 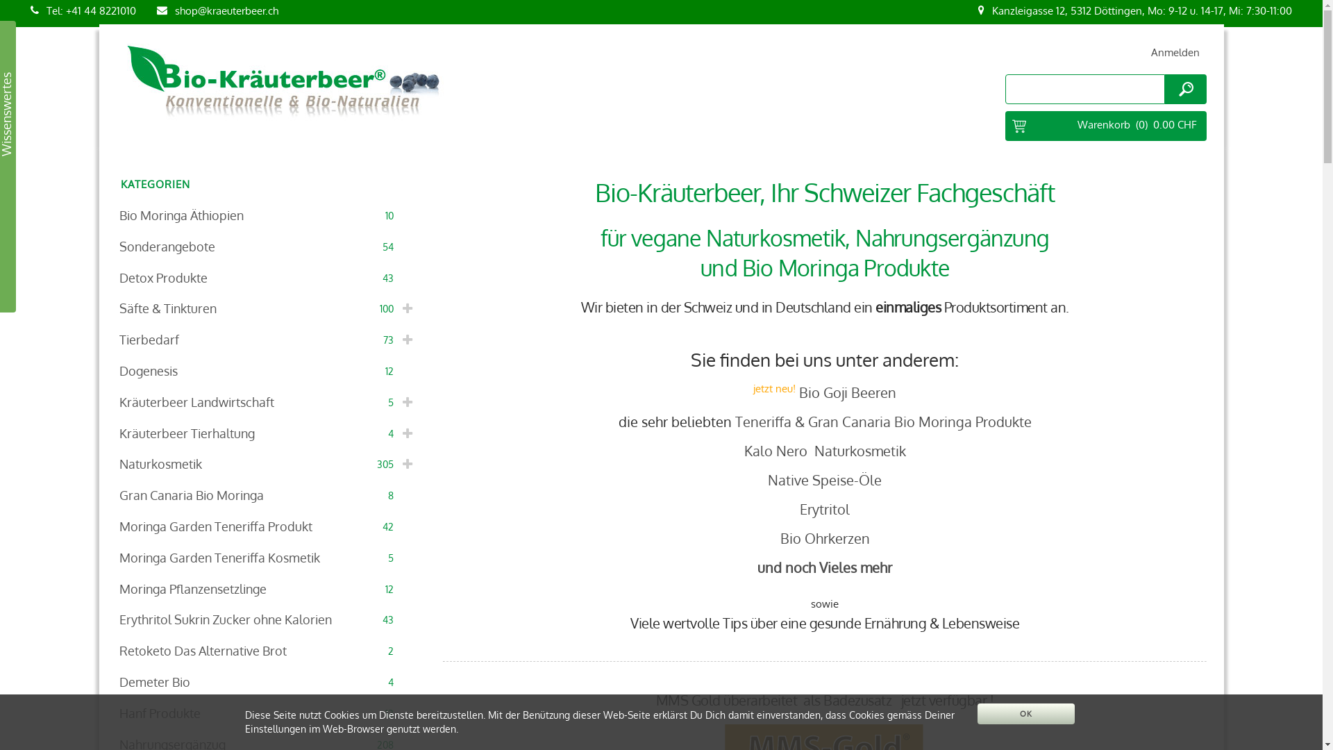 What do you see at coordinates (825, 537) in the screenshot?
I see `'Bio Ohrkerzen'` at bounding box center [825, 537].